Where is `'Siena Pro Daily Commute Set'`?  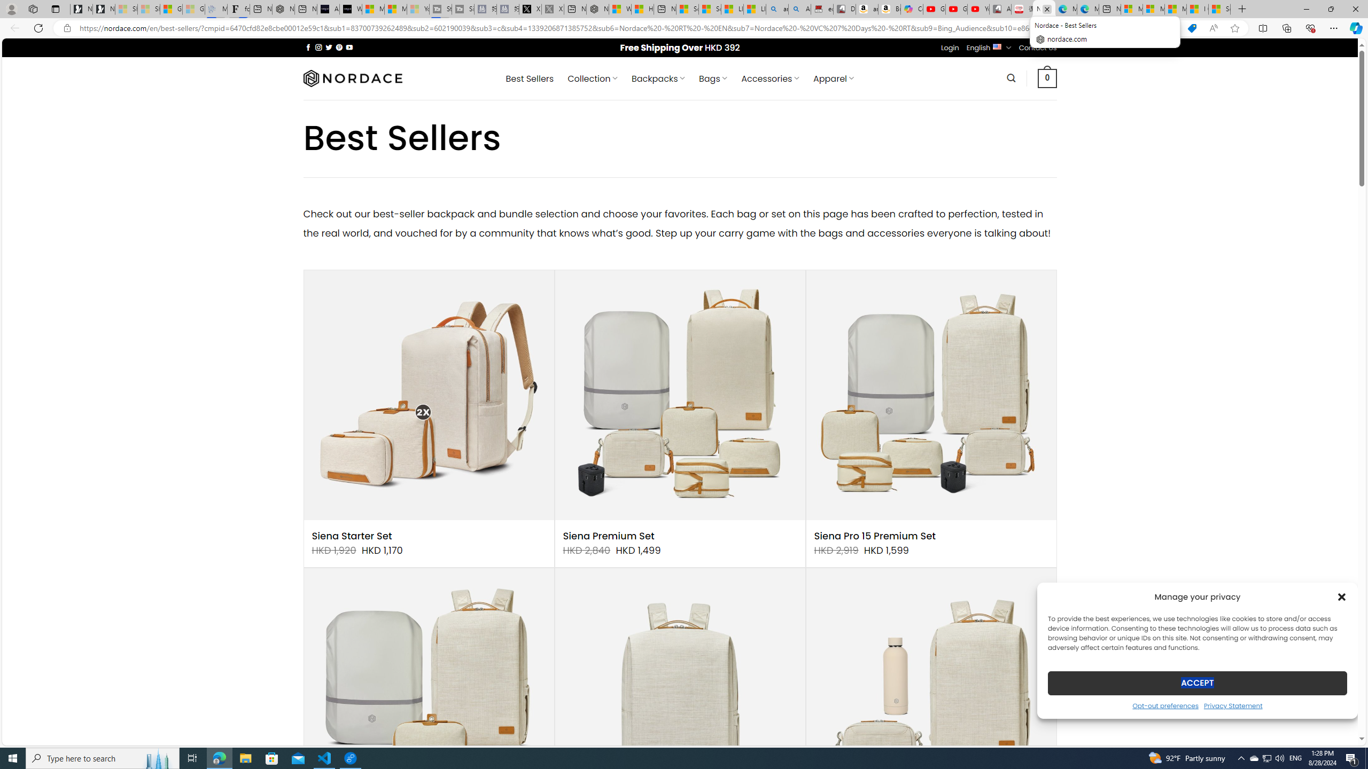 'Siena Pro Daily Commute Set' is located at coordinates (930, 693).